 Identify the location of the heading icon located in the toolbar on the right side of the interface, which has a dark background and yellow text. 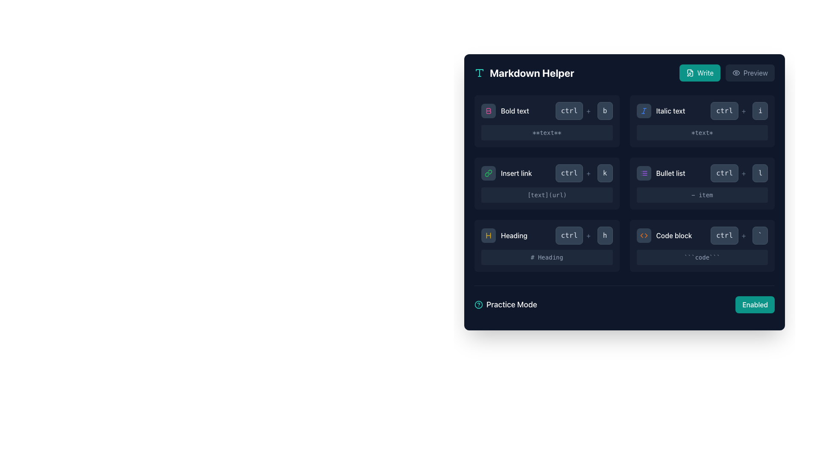
(488, 235).